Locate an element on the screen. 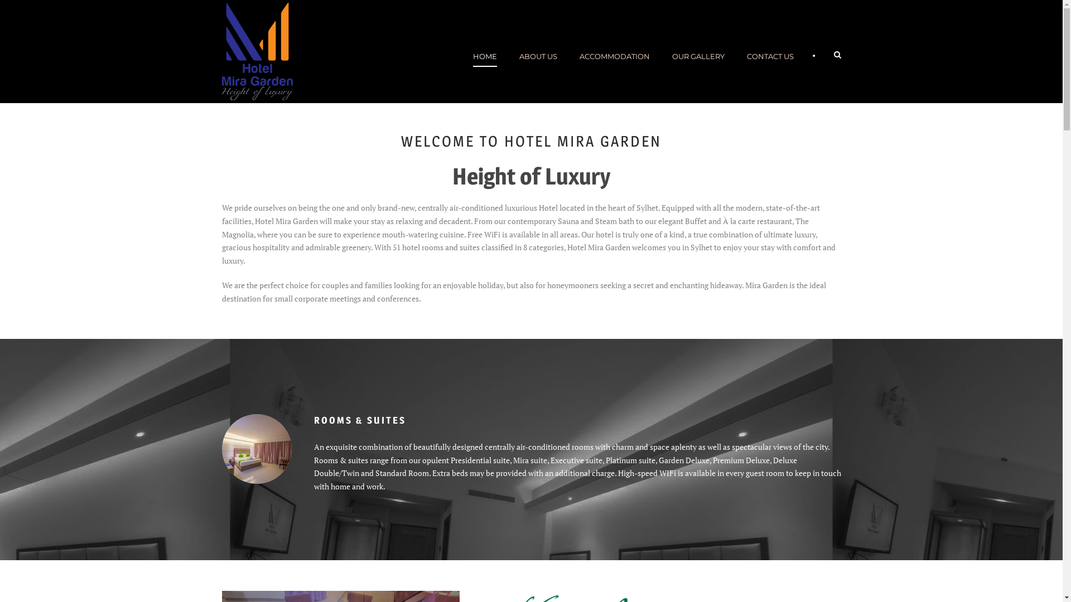  'OUR GALLERY' is located at coordinates (660, 69).